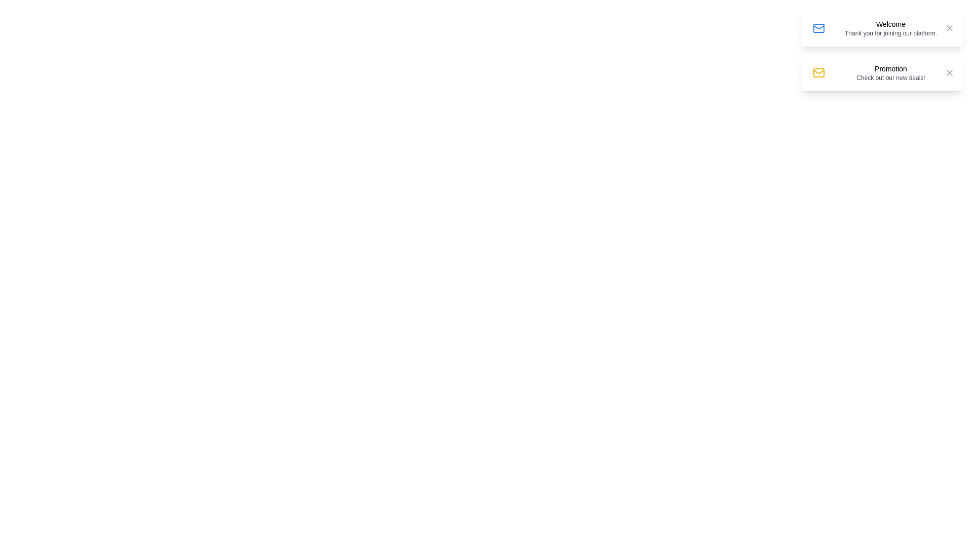  I want to click on the title text label located in the top-right section of the interface, which serves as the header for the message card, positioned above the secondary text line, so click(890, 23).